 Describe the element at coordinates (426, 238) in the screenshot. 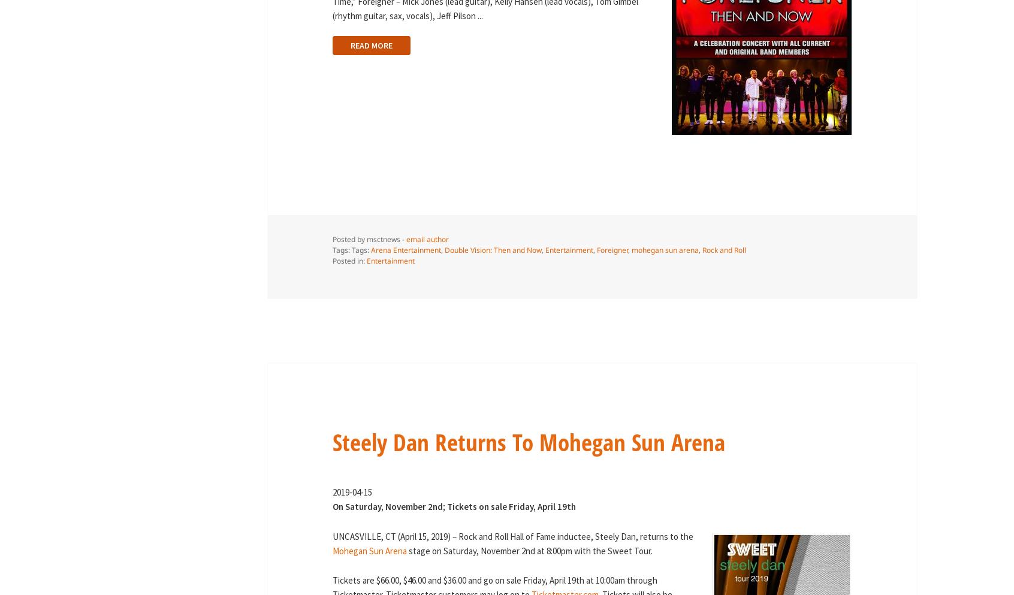

I see `'email author'` at that location.